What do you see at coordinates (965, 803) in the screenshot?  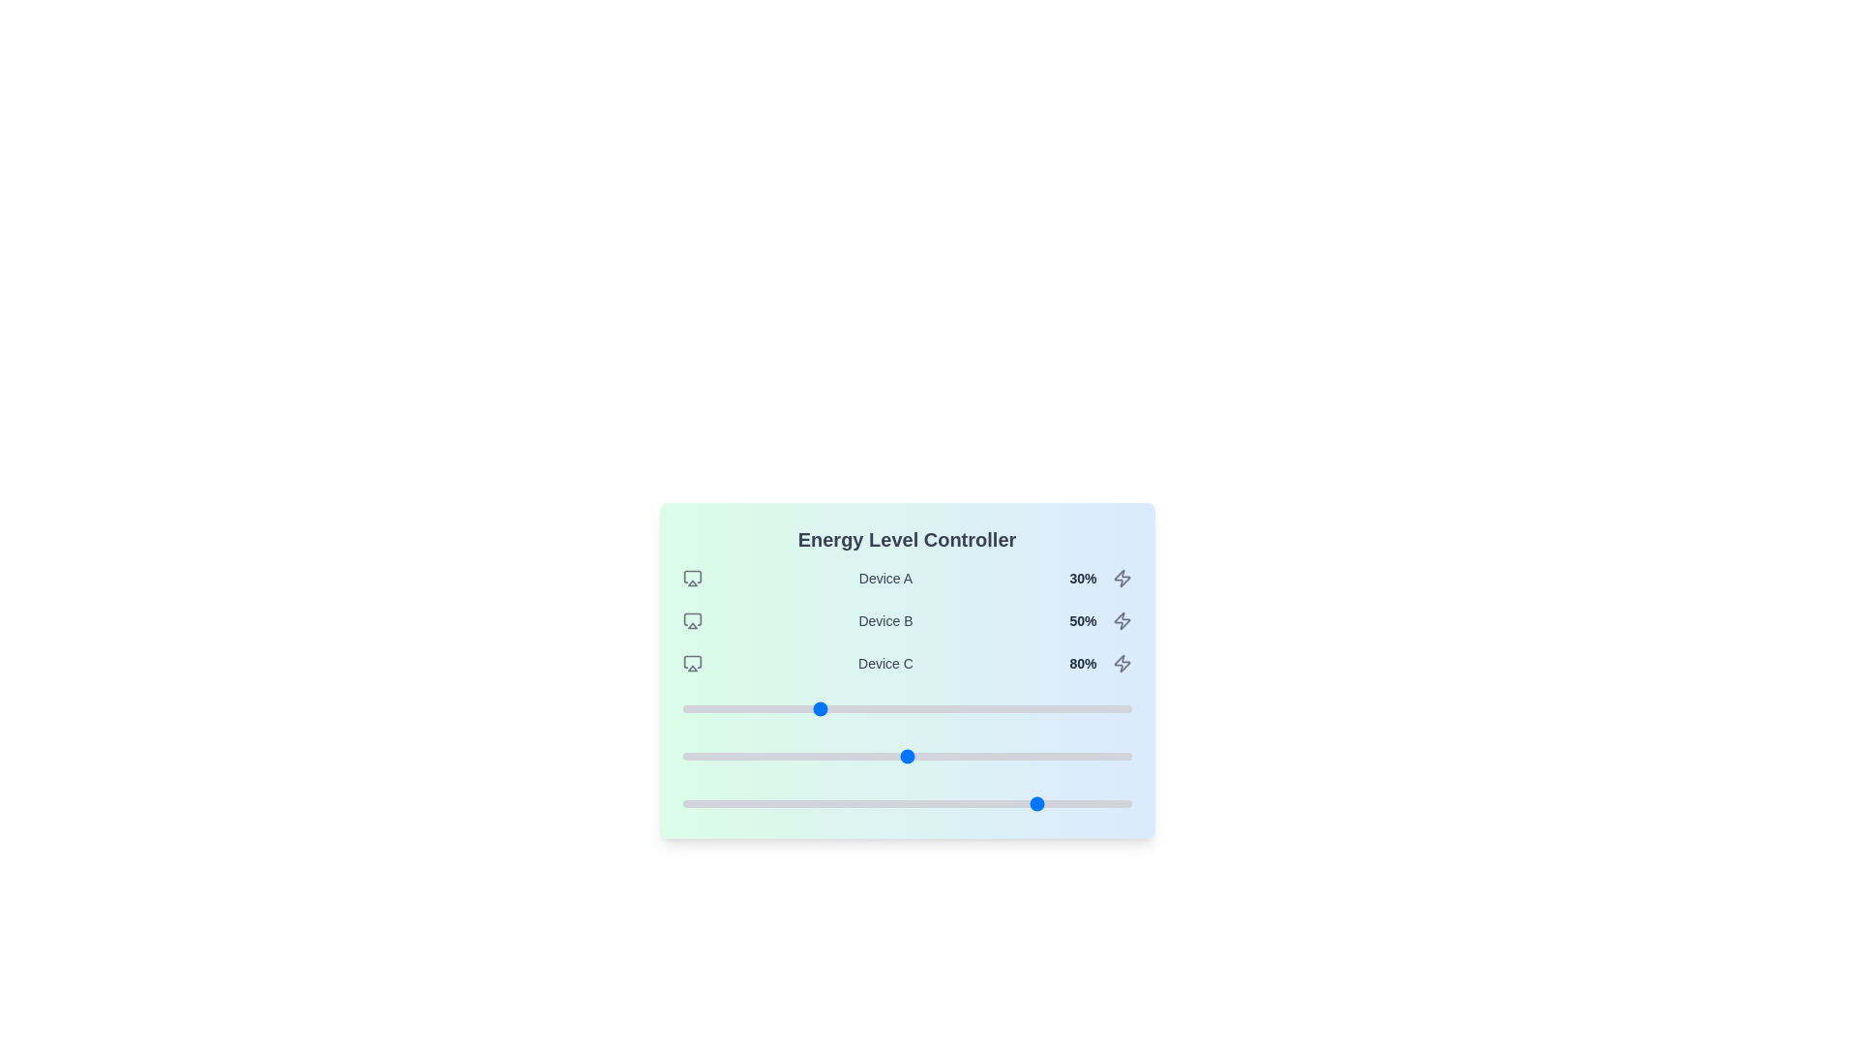 I see `the slider for Device C to set the energy level to 63%` at bounding box center [965, 803].